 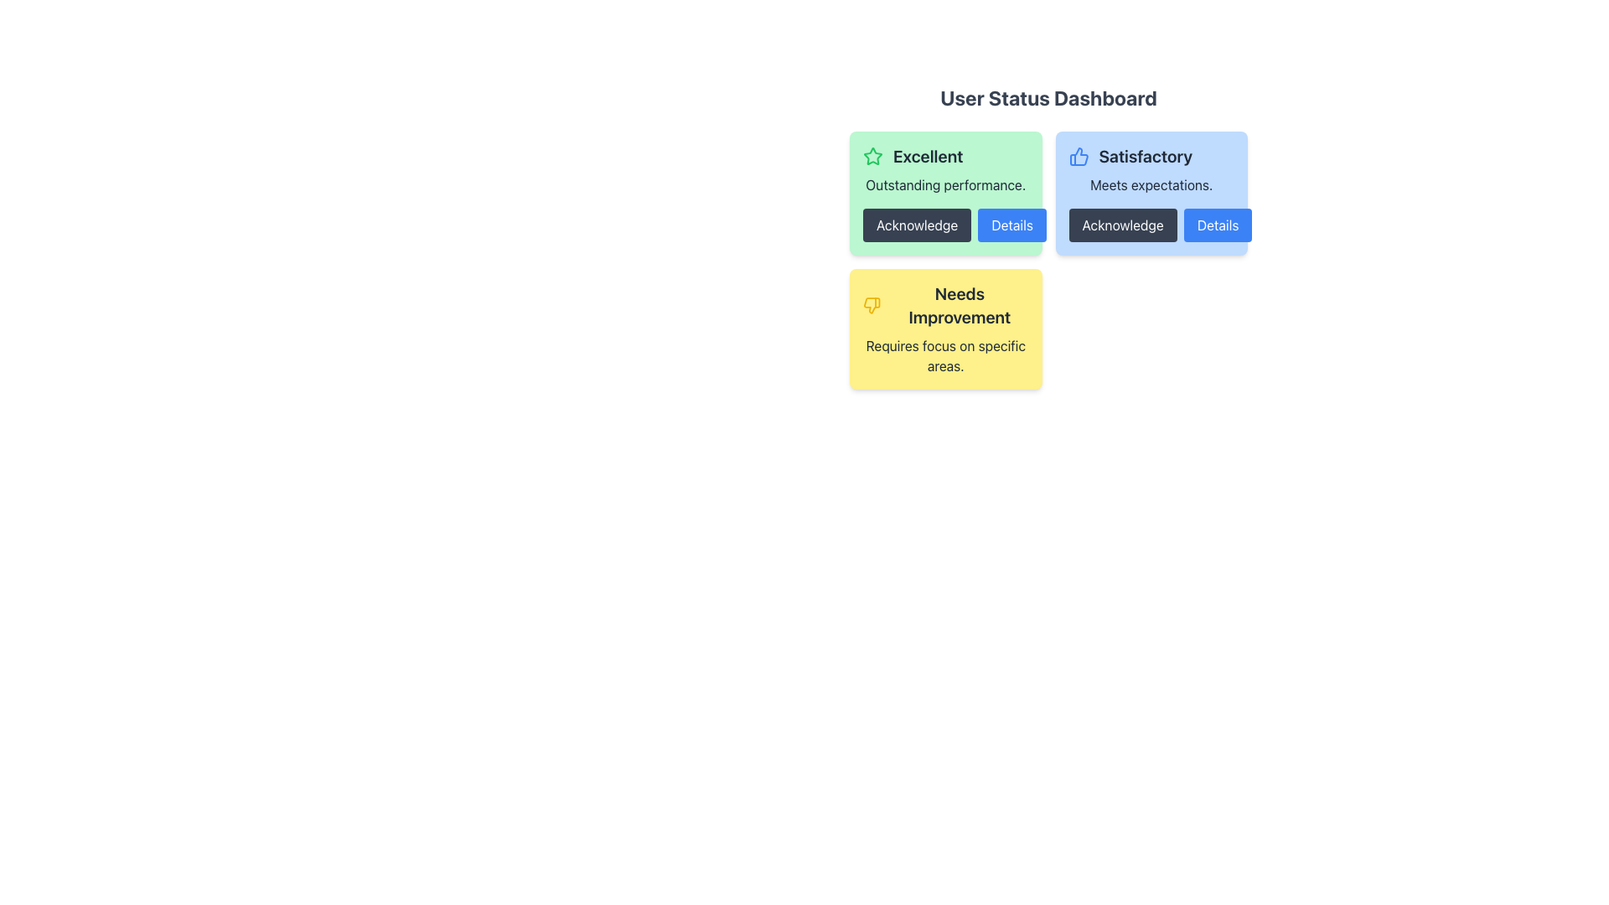 I want to click on the blue 'Details' button with rounded corners located to the right of the gray 'Acknowledge' button in the 'Satisfactory' status card, so click(x=1218, y=225).